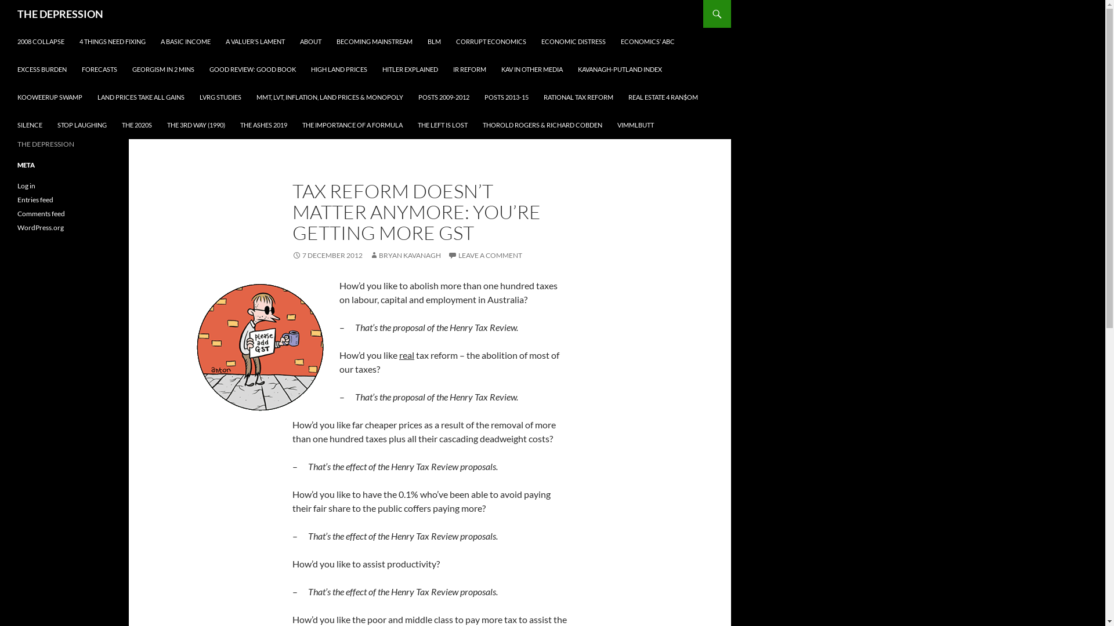  What do you see at coordinates (635, 125) in the screenshot?
I see `'VIMMLBUTT'` at bounding box center [635, 125].